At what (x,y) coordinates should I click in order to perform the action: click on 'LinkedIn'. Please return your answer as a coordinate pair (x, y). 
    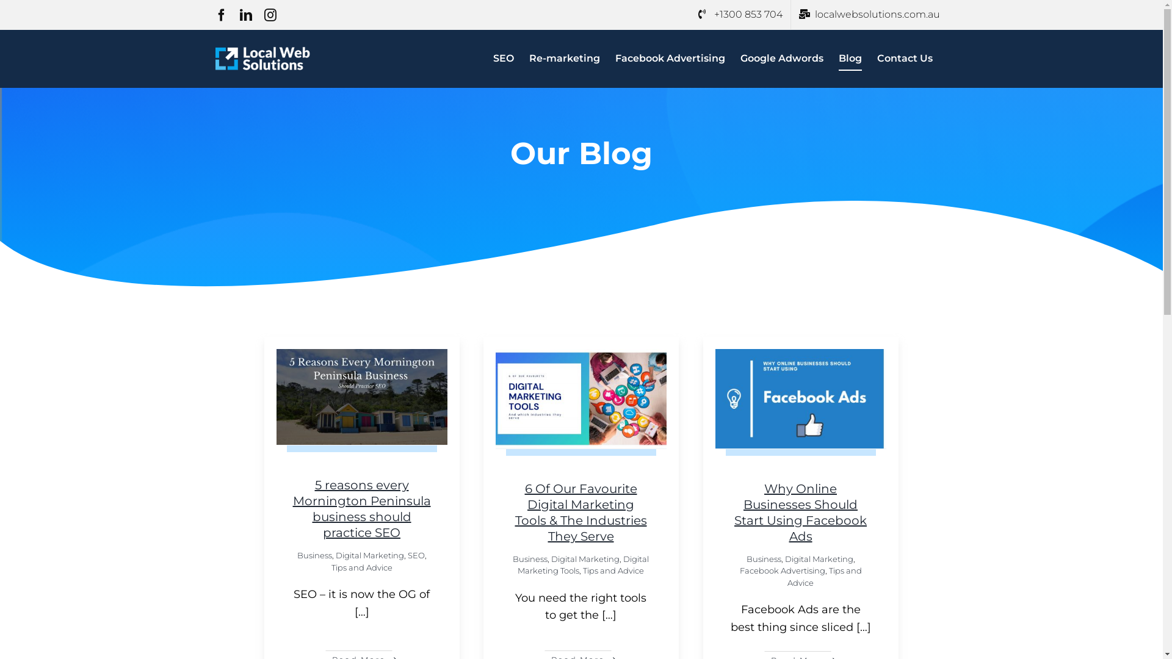
    Looking at the image, I should click on (239, 15).